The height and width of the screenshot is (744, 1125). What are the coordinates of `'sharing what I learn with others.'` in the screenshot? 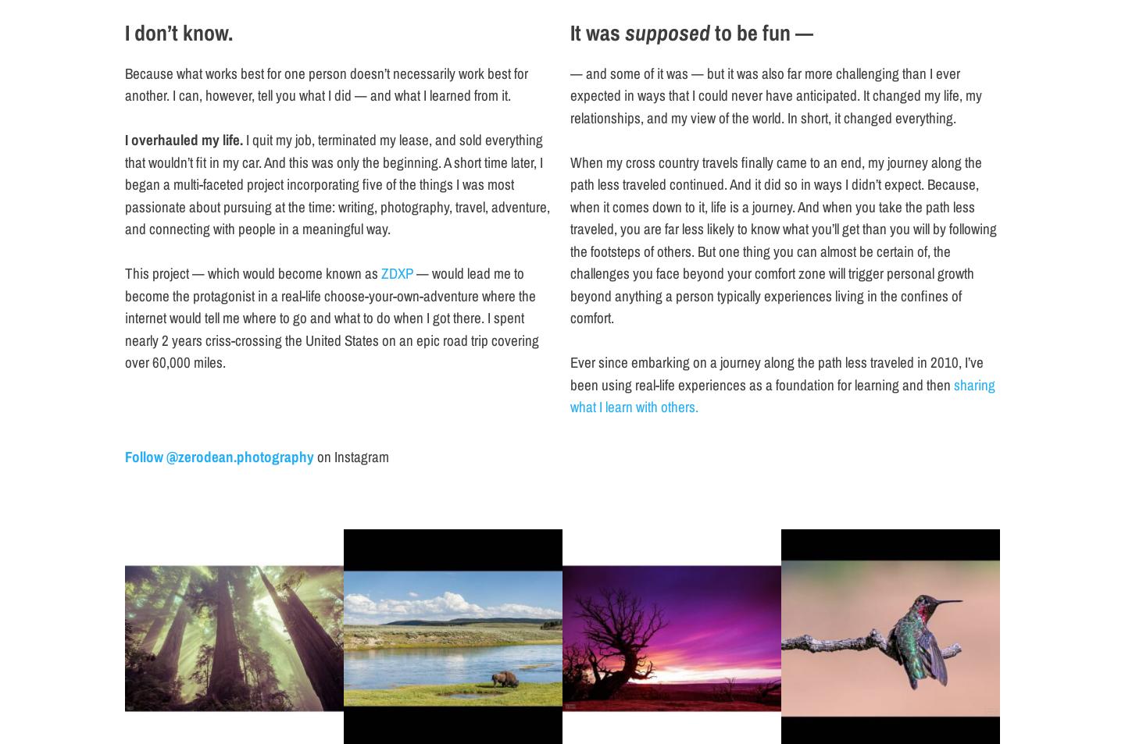 It's located at (781, 395).